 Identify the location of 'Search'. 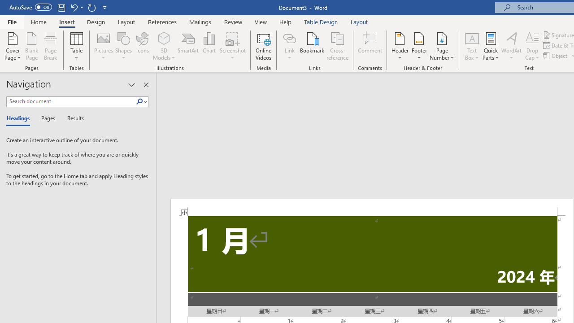
(141, 101).